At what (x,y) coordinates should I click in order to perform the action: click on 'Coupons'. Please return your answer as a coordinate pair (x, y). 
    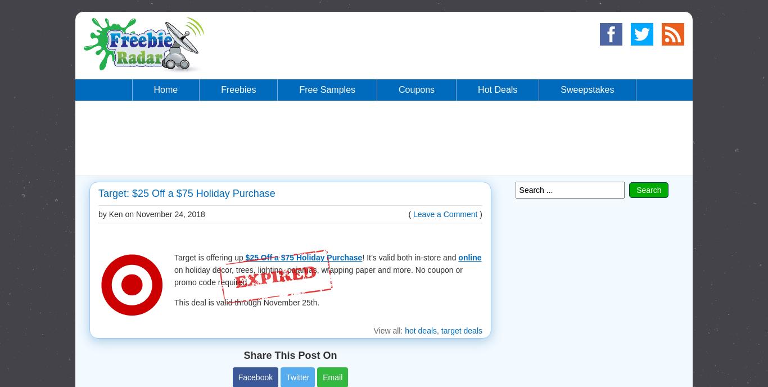
    Looking at the image, I should click on (417, 89).